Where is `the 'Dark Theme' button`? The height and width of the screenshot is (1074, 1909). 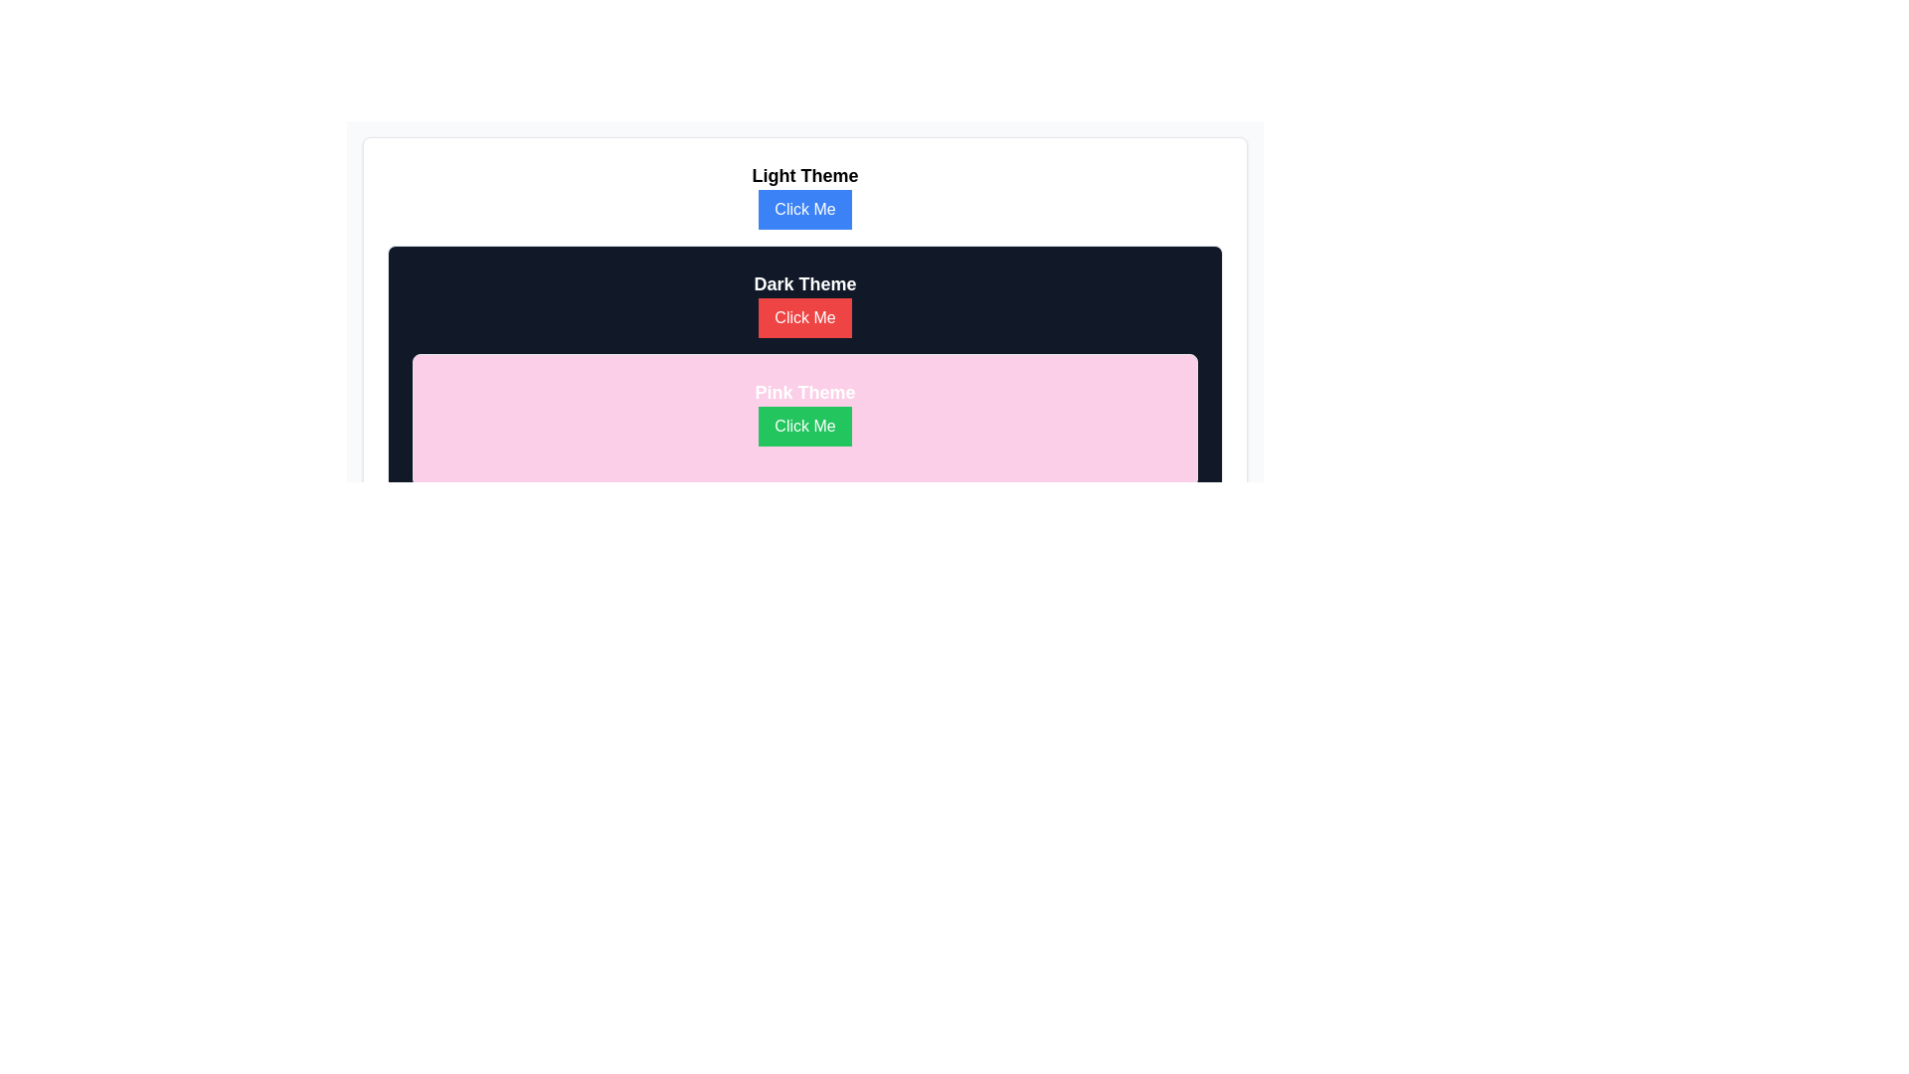 the 'Dark Theme' button is located at coordinates (805, 336).